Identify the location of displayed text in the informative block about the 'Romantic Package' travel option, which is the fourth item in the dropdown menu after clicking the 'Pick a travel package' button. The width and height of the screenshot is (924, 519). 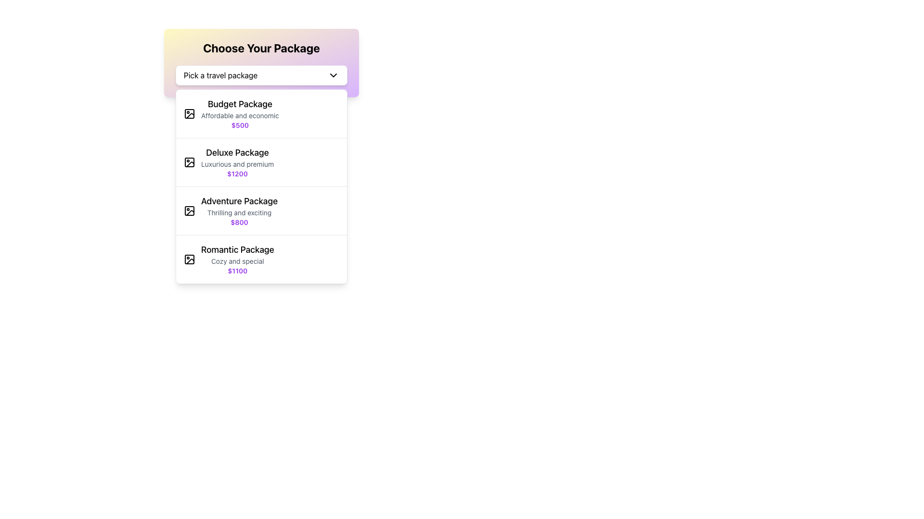
(237, 259).